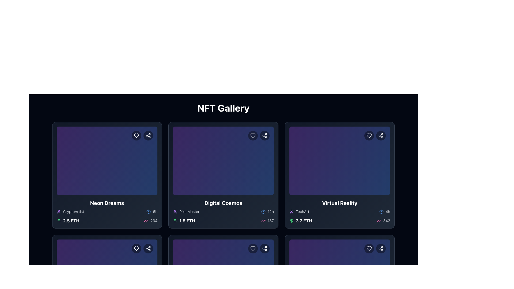 Image resolution: width=514 pixels, height=289 pixels. Describe the element at coordinates (291, 221) in the screenshot. I see `the green dollar icon representing financial information within the 'Virtual Reality' NFT card, located near the bottom-left corner where the price information is displayed` at that location.